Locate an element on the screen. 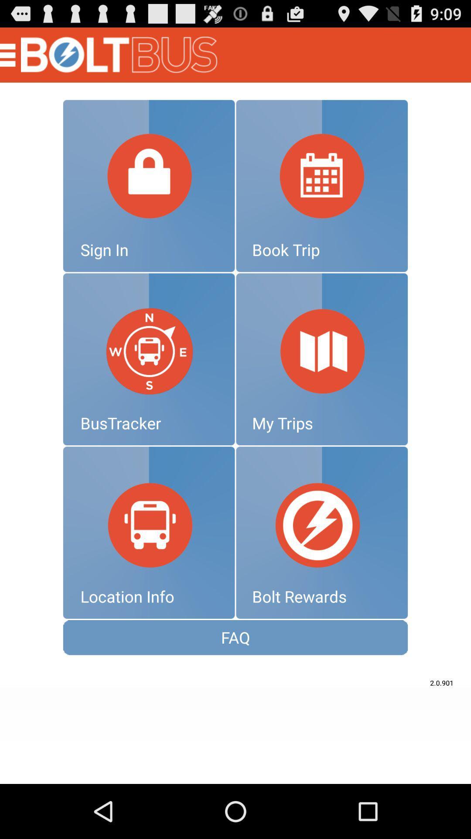 The height and width of the screenshot is (839, 471). book trip date is located at coordinates (322, 185).